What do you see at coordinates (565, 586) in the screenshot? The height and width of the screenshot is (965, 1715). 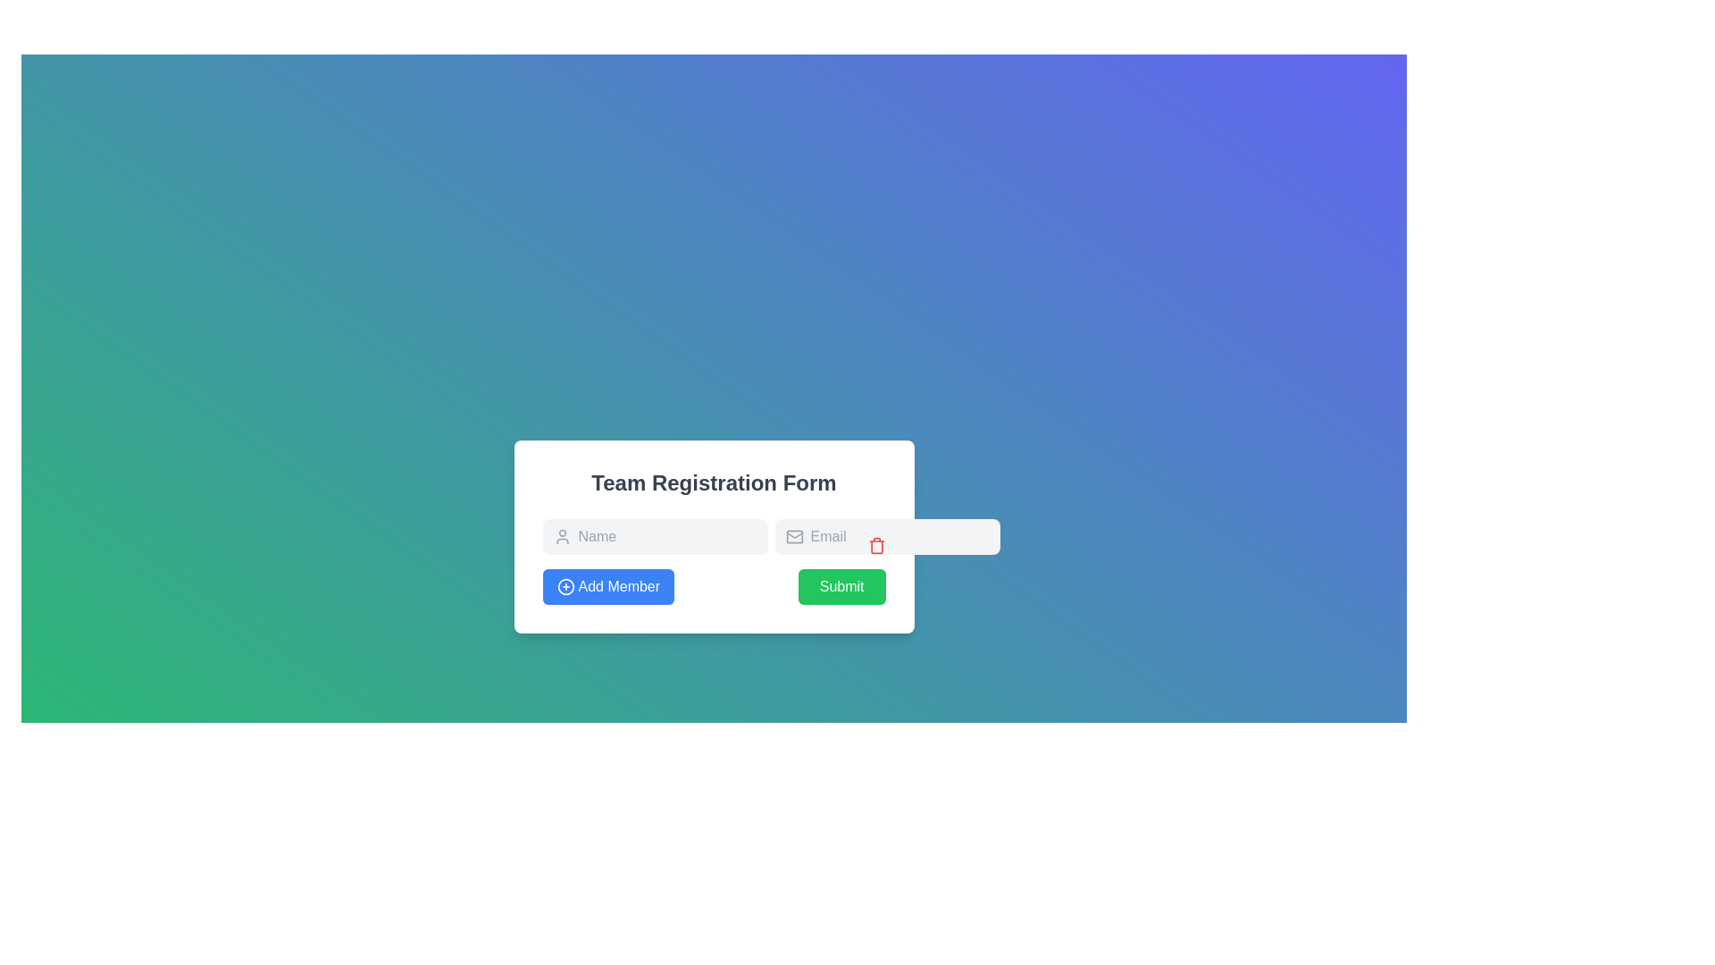 I see `the leading icon on the left side of the 'Add Member' button` at bounding box center [565, 586].